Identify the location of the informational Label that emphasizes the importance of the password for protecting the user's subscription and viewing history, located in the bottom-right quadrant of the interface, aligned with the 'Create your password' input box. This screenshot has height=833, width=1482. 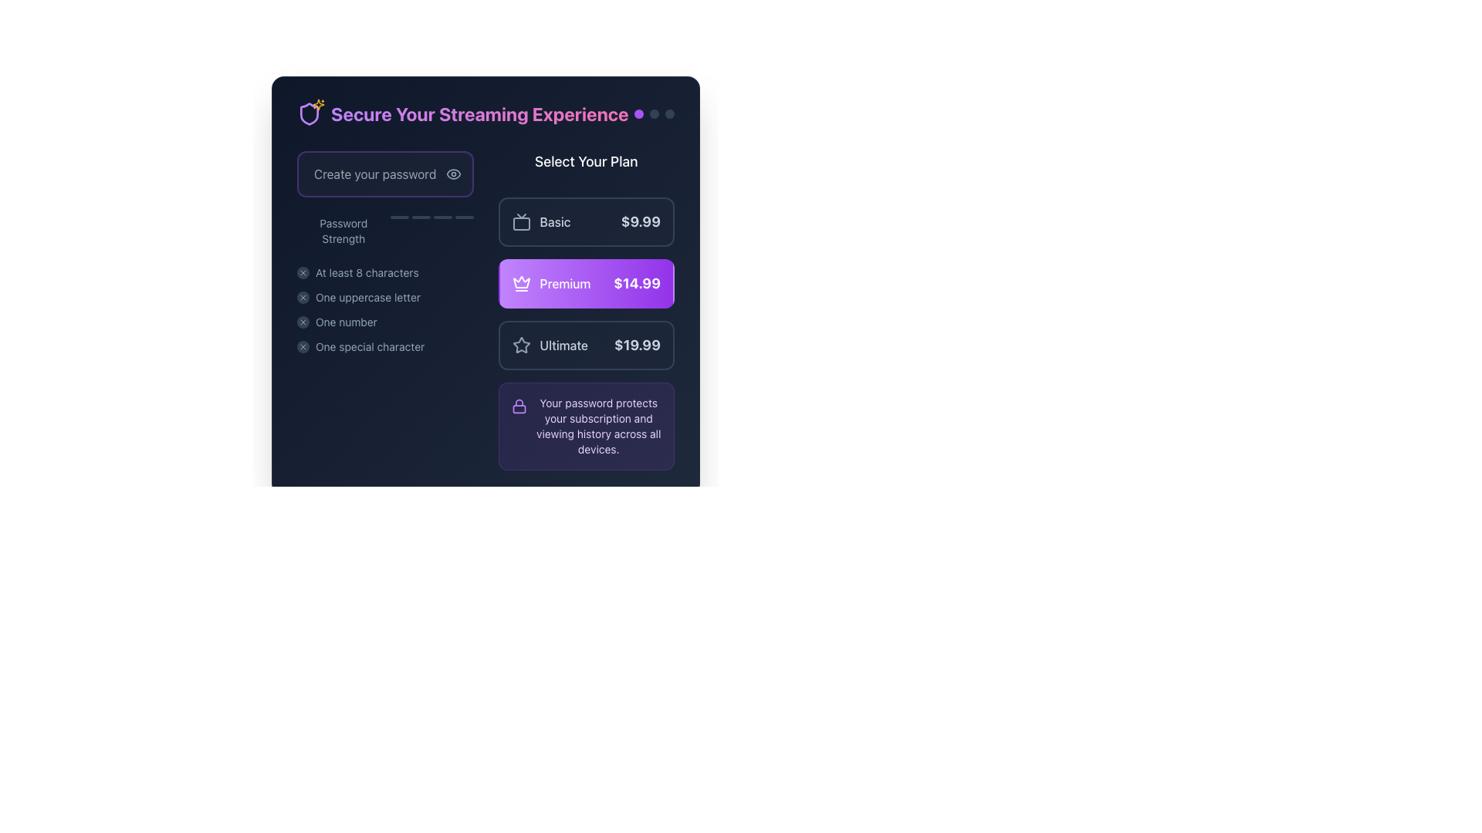
(597, 426).